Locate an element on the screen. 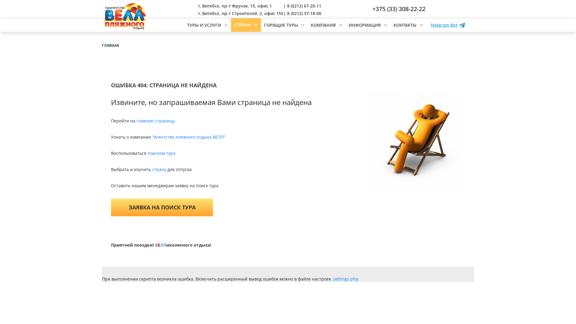 This screenshot has width=576, height=324. 'Relax.jpg' is located at coordinates (415, 141).